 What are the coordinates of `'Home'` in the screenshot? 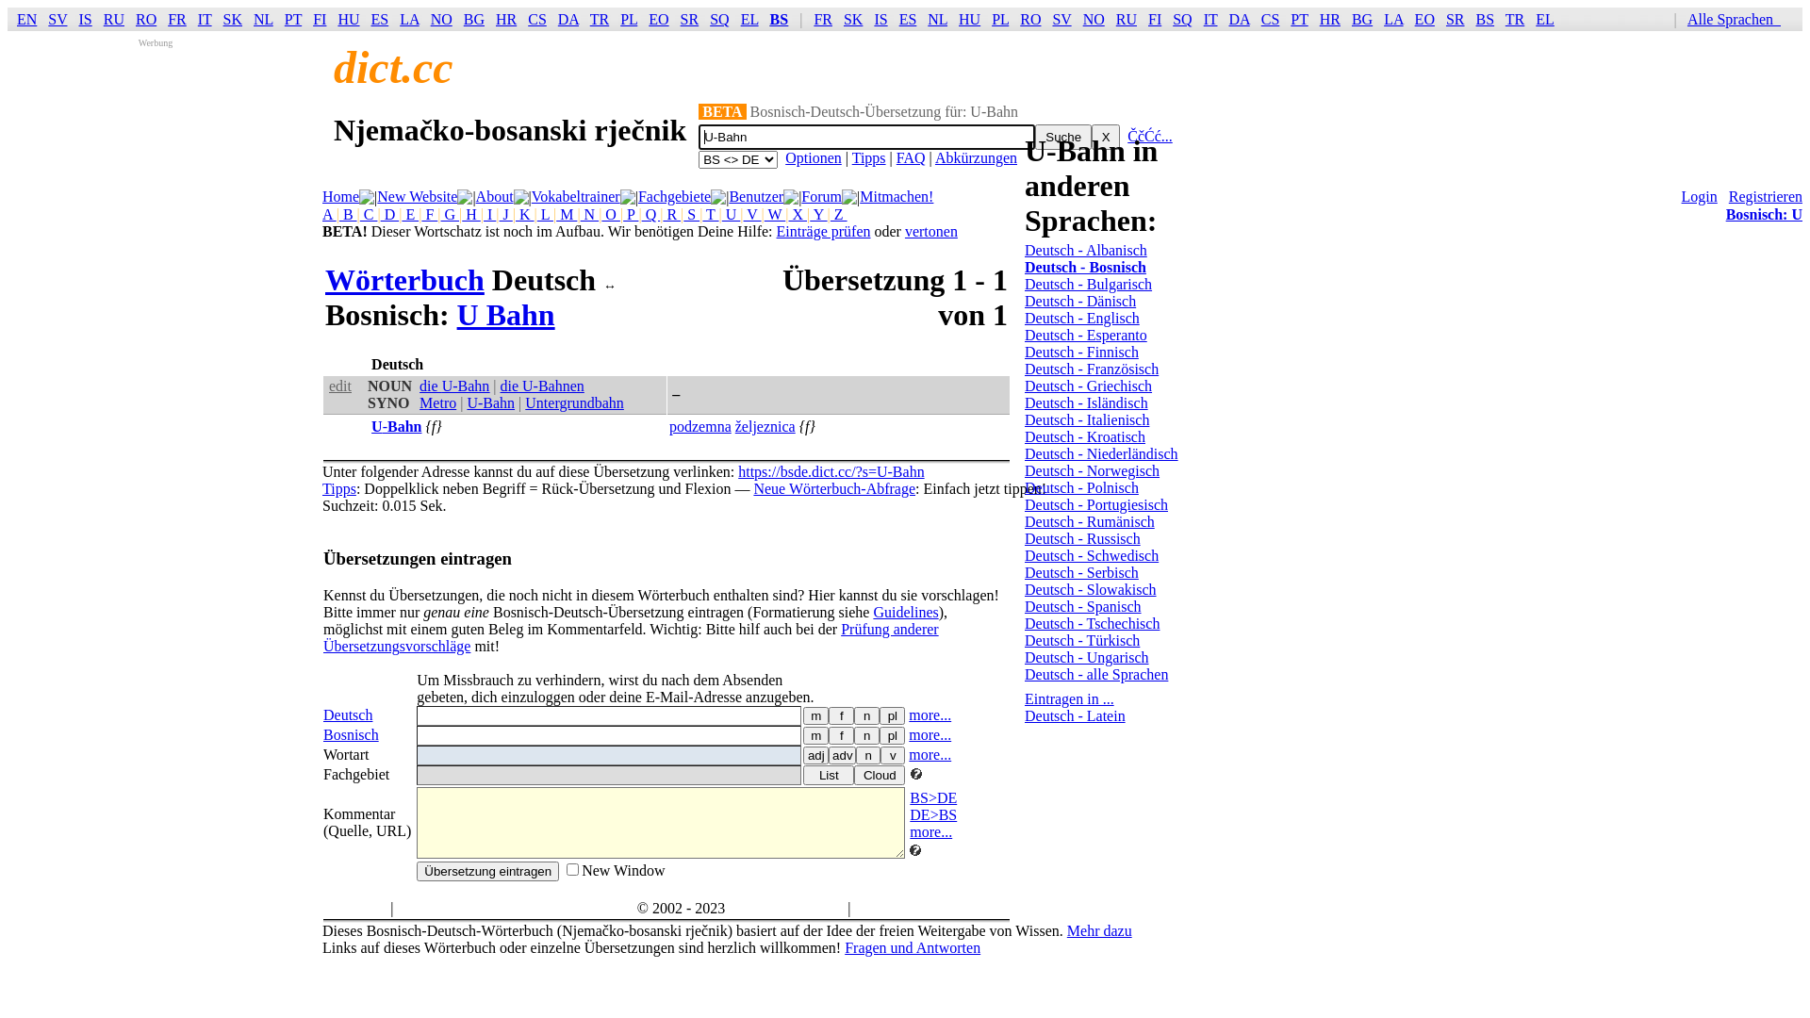 It's located at (321, 196).